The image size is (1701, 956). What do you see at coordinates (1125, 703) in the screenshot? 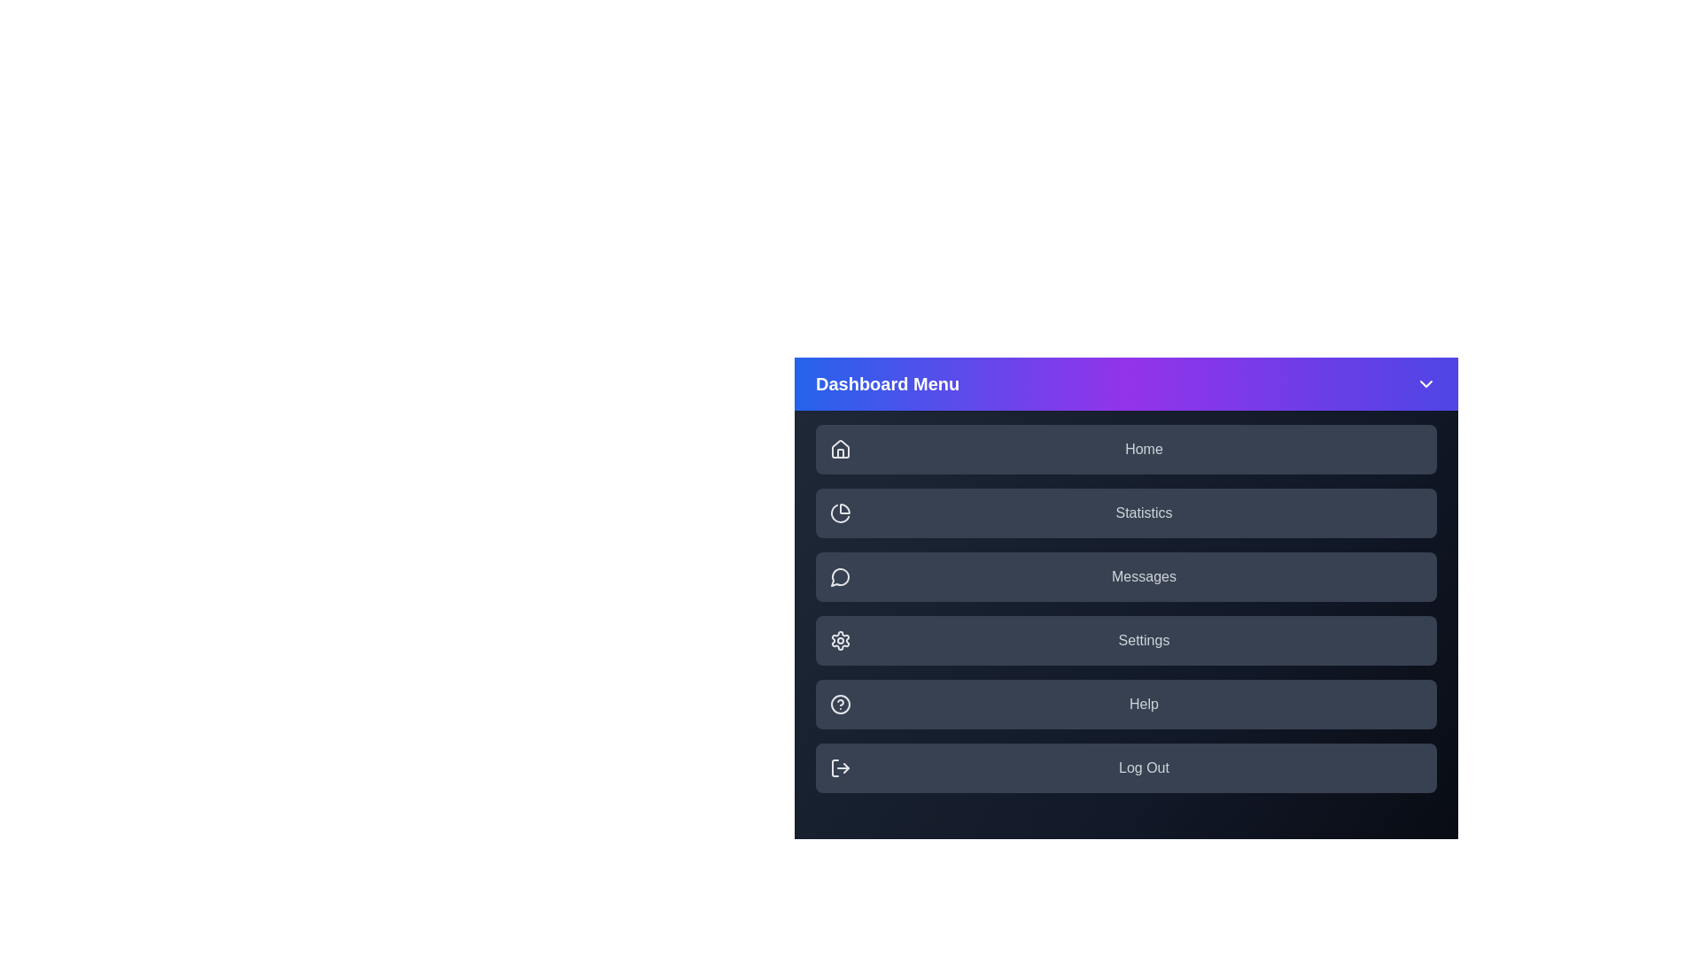
I see `the menu item labeled Help to highlight it` at bounding box center [1125, 703].